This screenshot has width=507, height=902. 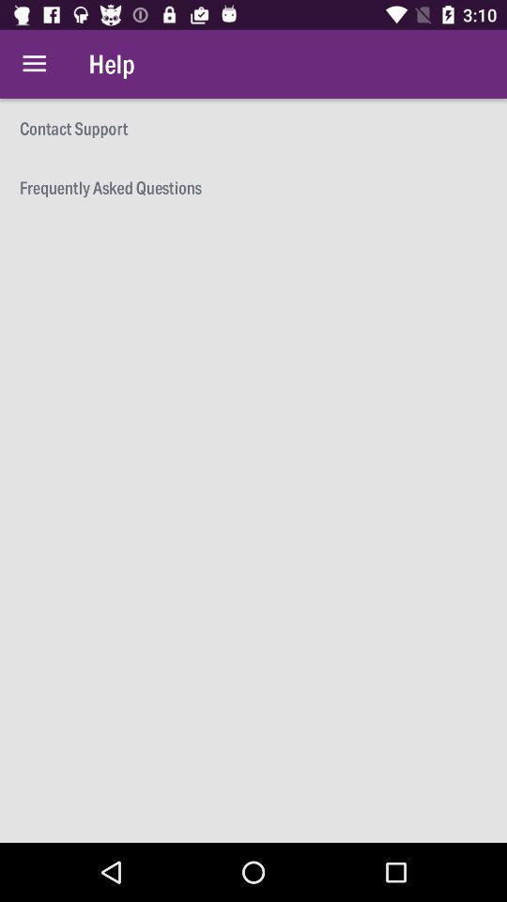 What do you see at coordinates (253, 127) in the screenshot?
I see `contact support item` at bounding box center [253, 127].